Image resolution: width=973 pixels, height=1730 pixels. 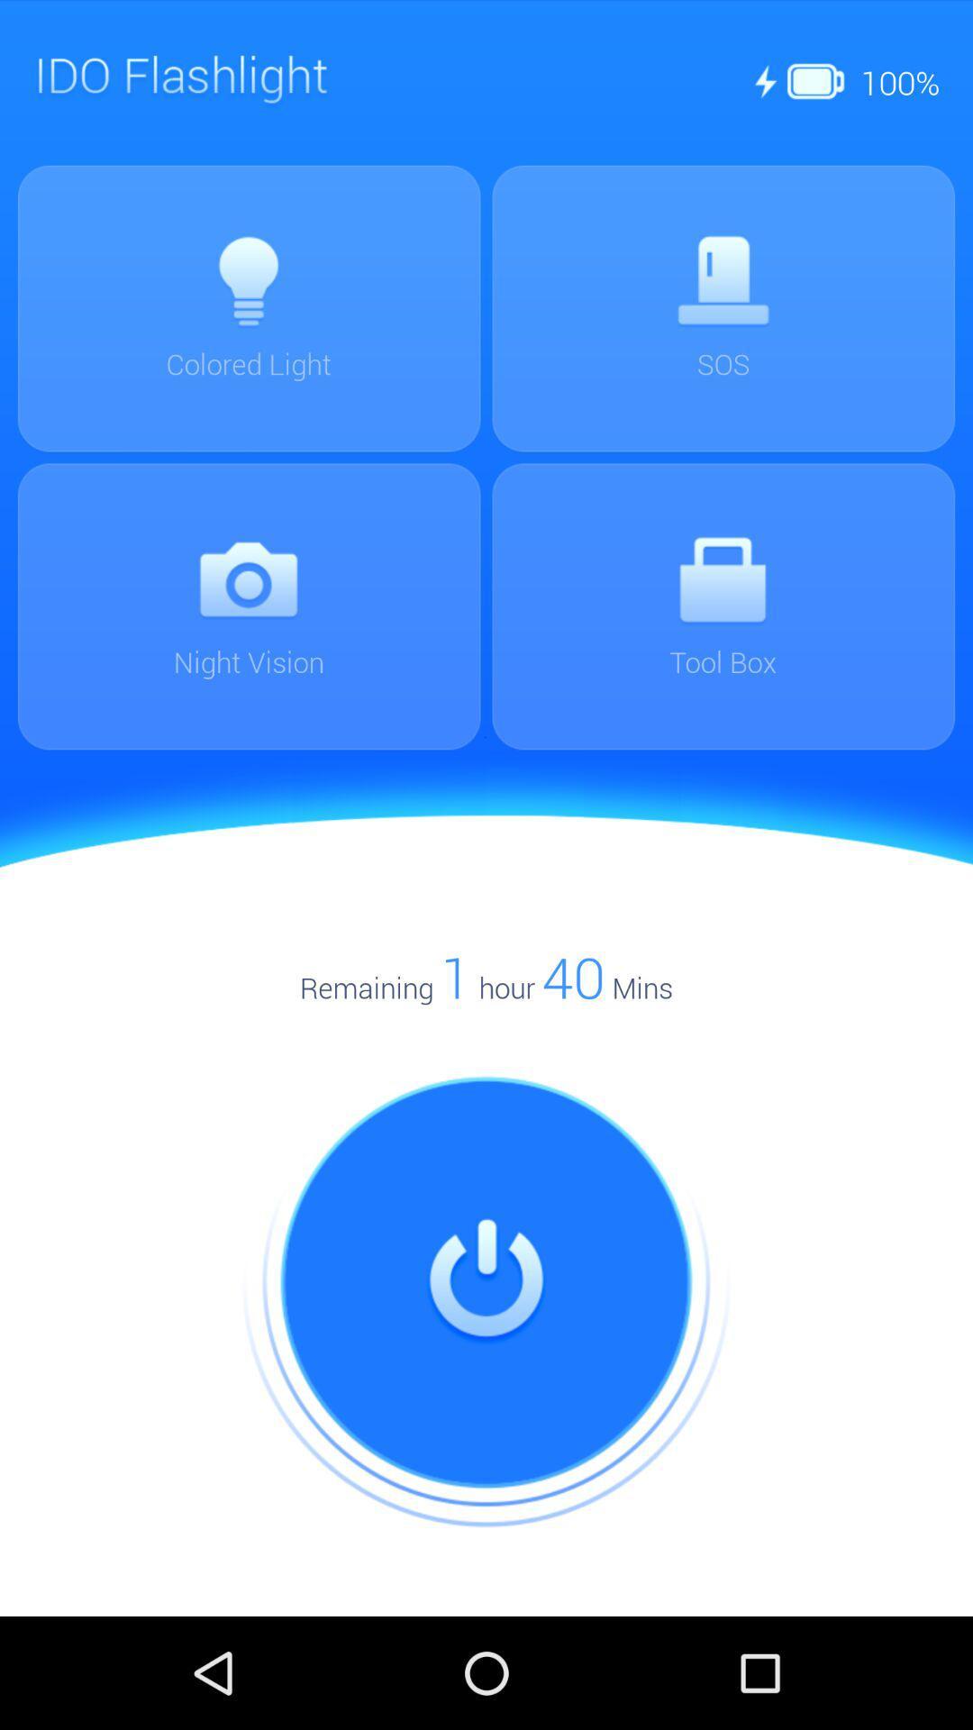 I want to click on turn off, so click(x=486, y=1282).